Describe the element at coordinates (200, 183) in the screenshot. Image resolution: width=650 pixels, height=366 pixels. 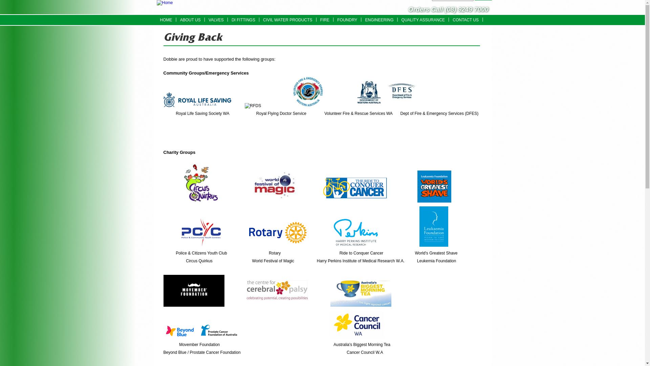
I see `'Quirkus Circus'` at that location.